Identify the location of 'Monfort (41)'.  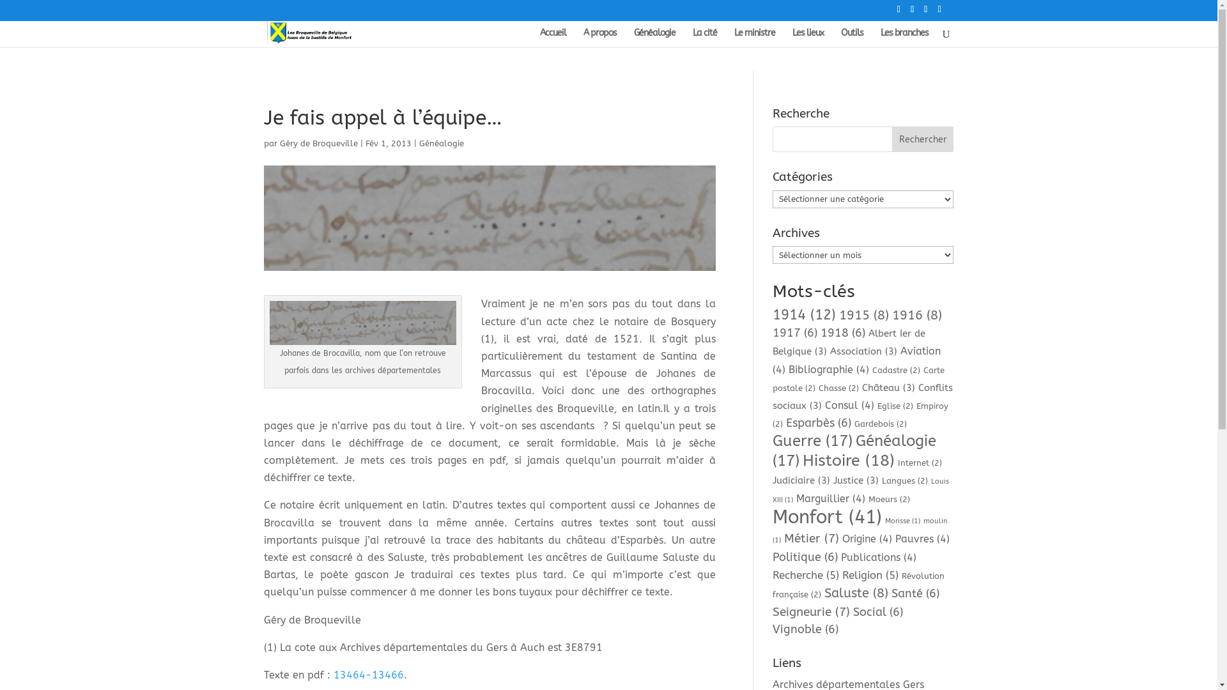
(827, 516).